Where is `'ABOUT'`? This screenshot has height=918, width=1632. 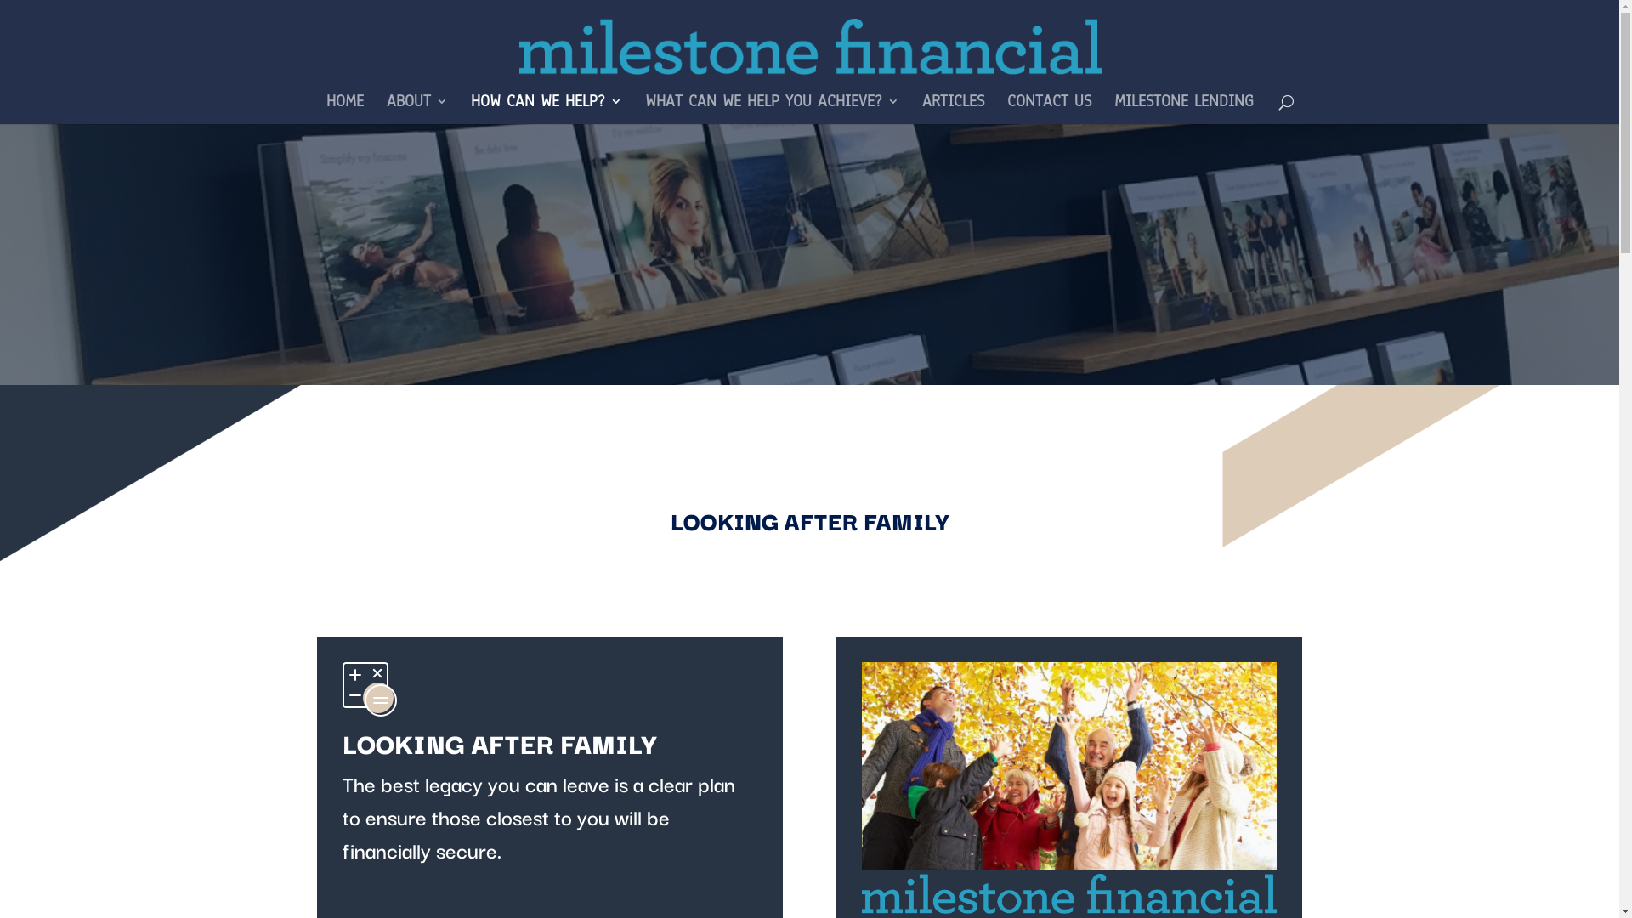 'ABOUT' is located at coordinates (385, 109).